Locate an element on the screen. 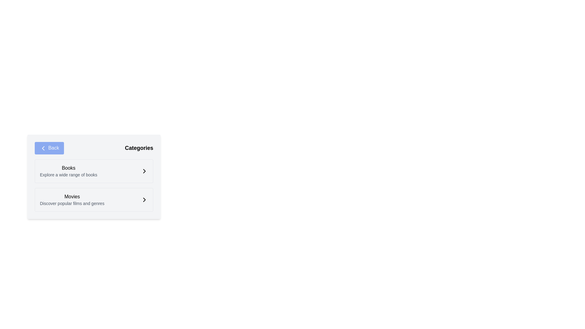 Image resolution: width=585 pixels, height=329 pixels. the text label 'Movies', which is styled in bold and serves as the category title located in the second row of the 'Categories' section is located at coordinates (72, 196).